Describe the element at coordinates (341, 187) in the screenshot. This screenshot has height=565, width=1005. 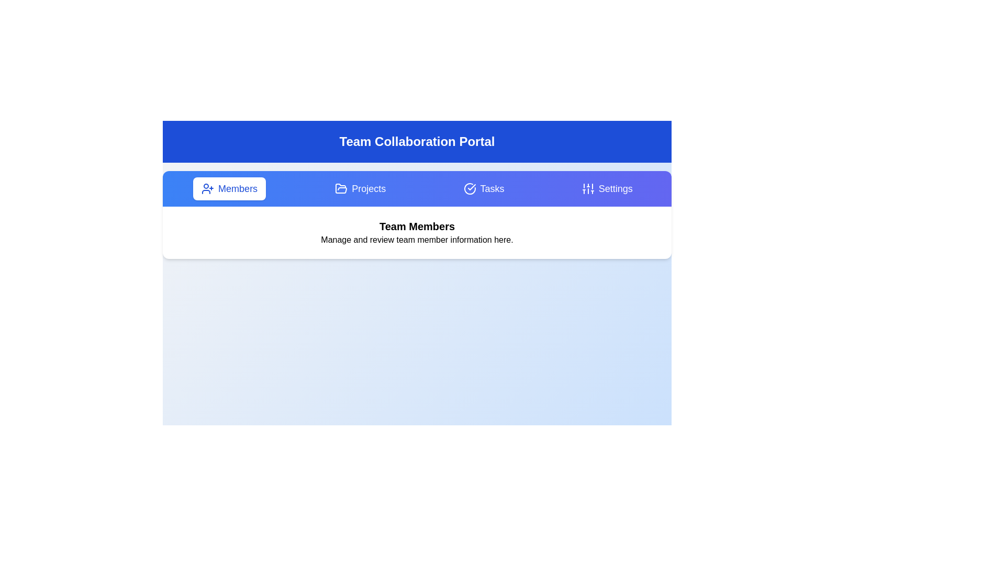
I see `the 'Projects' icon, which resembles an open folder with a blue stroke, located on the horizontal navigation bar, second from the left` at that location.